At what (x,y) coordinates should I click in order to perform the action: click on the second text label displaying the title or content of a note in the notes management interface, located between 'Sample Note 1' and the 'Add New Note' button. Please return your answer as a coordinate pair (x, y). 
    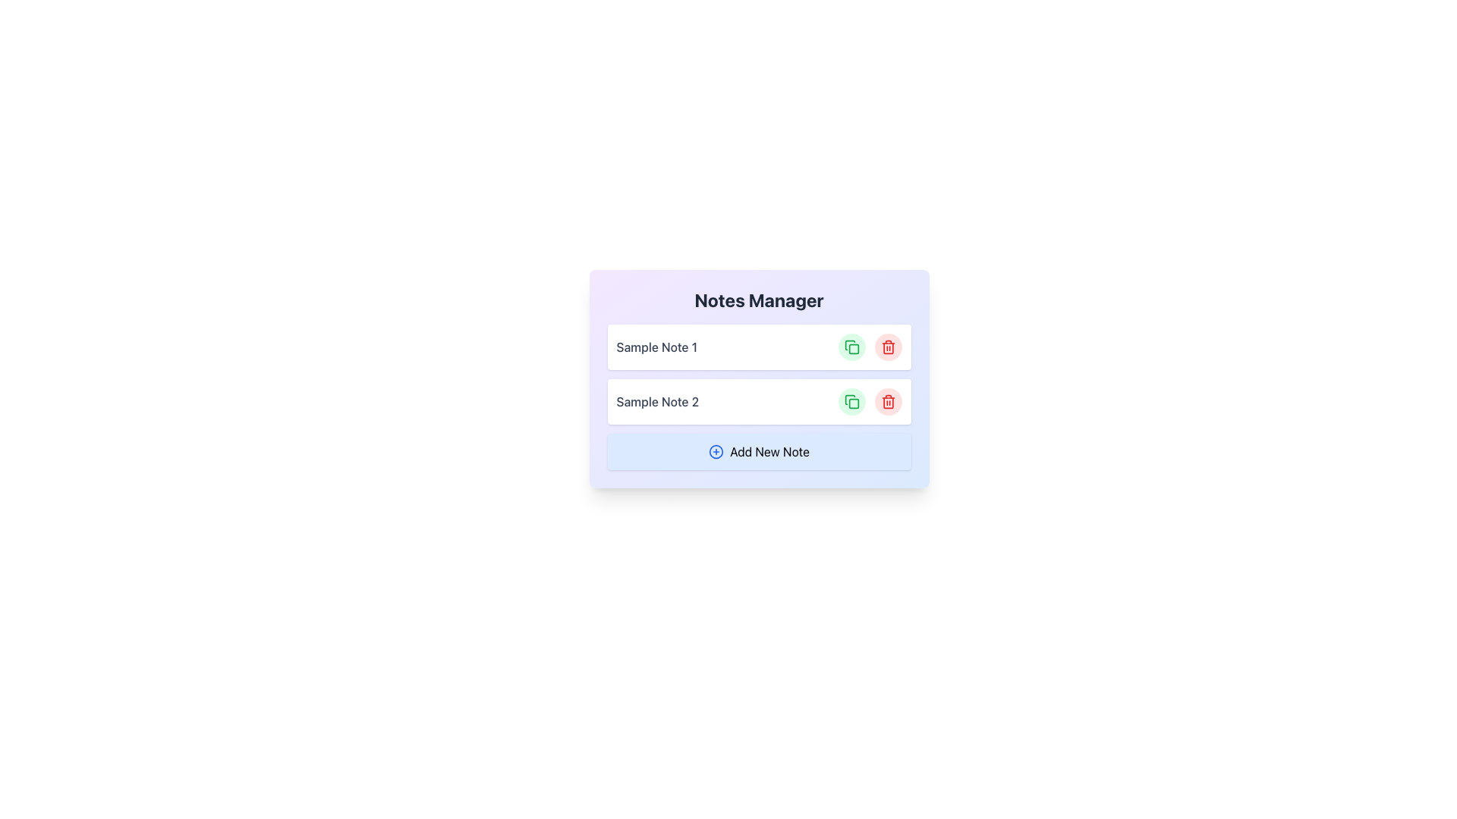
    Looking at the image, I should click on (657, 400).